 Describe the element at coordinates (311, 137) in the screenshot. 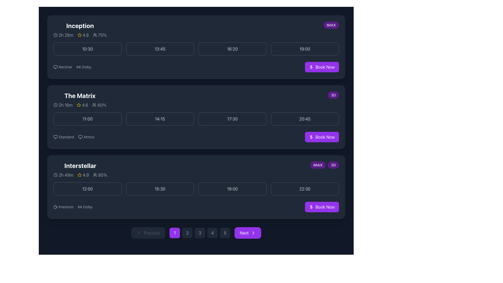

I see `the monetary icon located inside the 'Book Now' button, positioned to the left of the text 'Book Now'` at that location.